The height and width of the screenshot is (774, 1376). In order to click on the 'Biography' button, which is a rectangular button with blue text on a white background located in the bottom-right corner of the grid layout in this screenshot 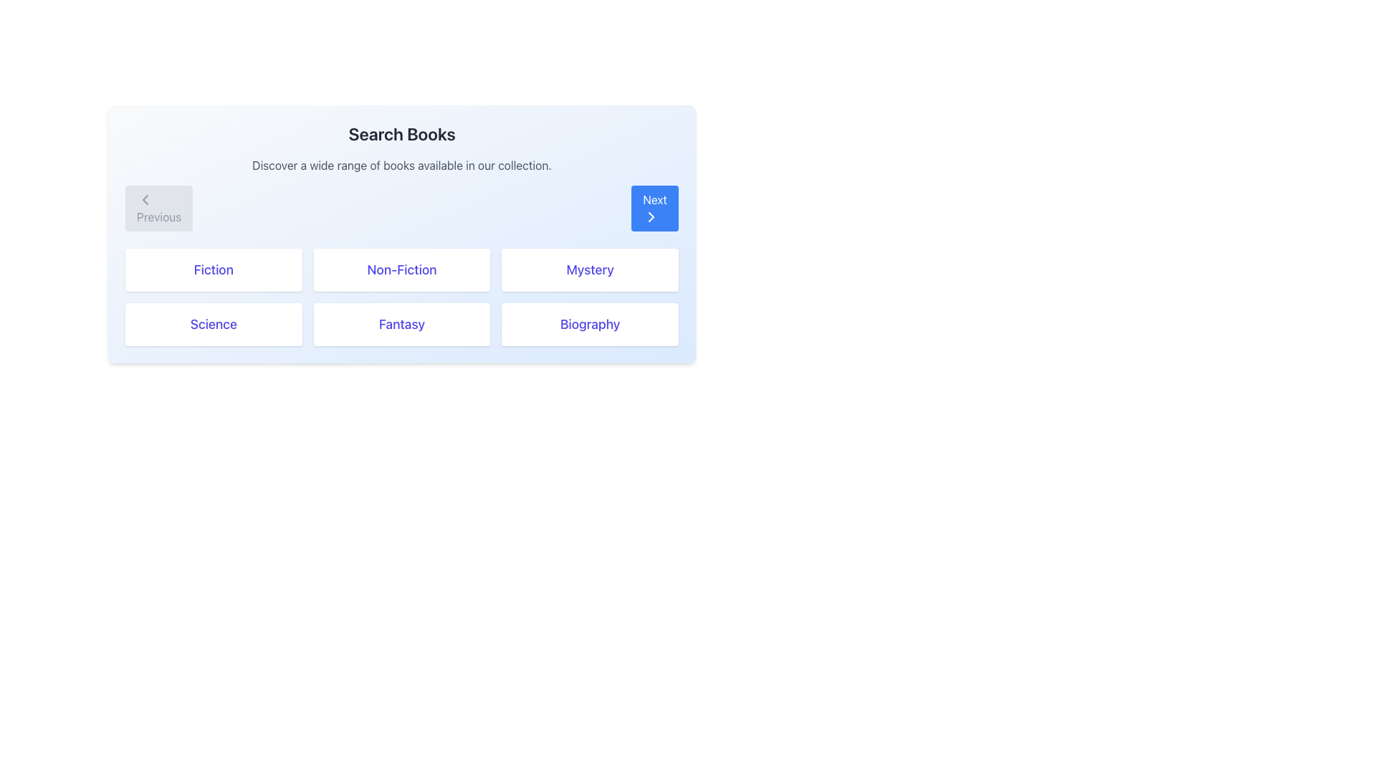, I will do `click(590, 324)`.